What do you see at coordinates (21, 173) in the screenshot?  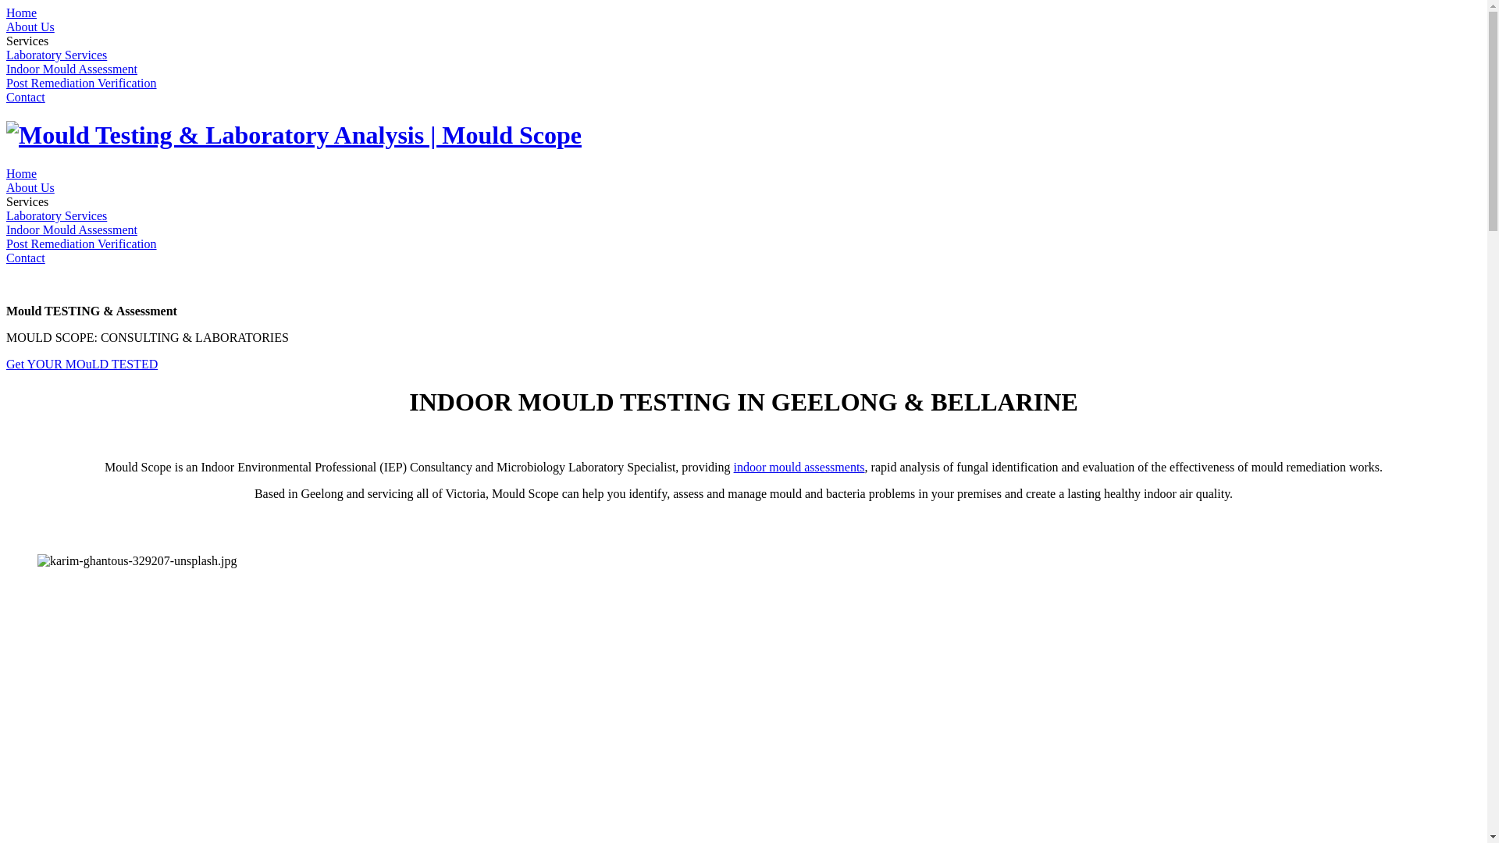 I see `'Home'` at bounding box center [21, 173].